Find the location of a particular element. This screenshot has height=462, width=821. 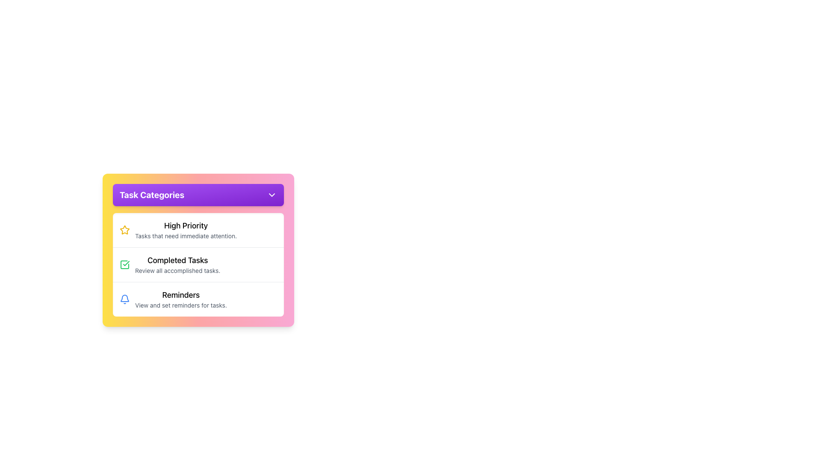

the graphical icon representing a partially open square shape with a green stroke in the 'Completed Tasks' section is located at coordinates (124, 264).